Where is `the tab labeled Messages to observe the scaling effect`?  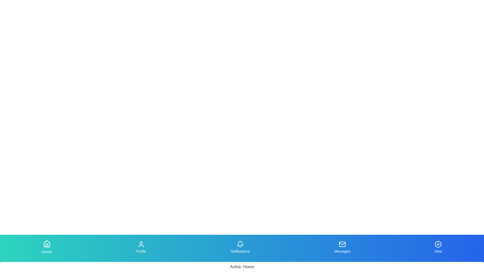
the tab labeled Messages to observe the scaling effect is located at coordinates (342, 247).